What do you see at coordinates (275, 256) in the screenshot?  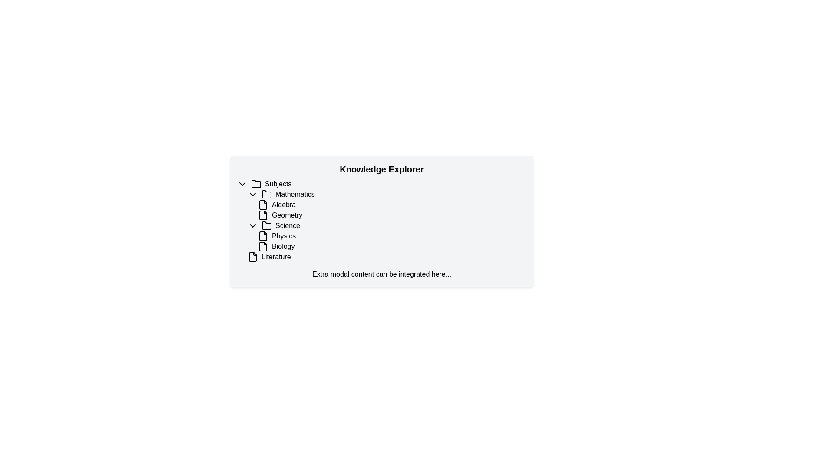 I see `the 'Literature' text label under the 'Biology' category in the 'Science' tree structure` at bounding box center [275, 256].